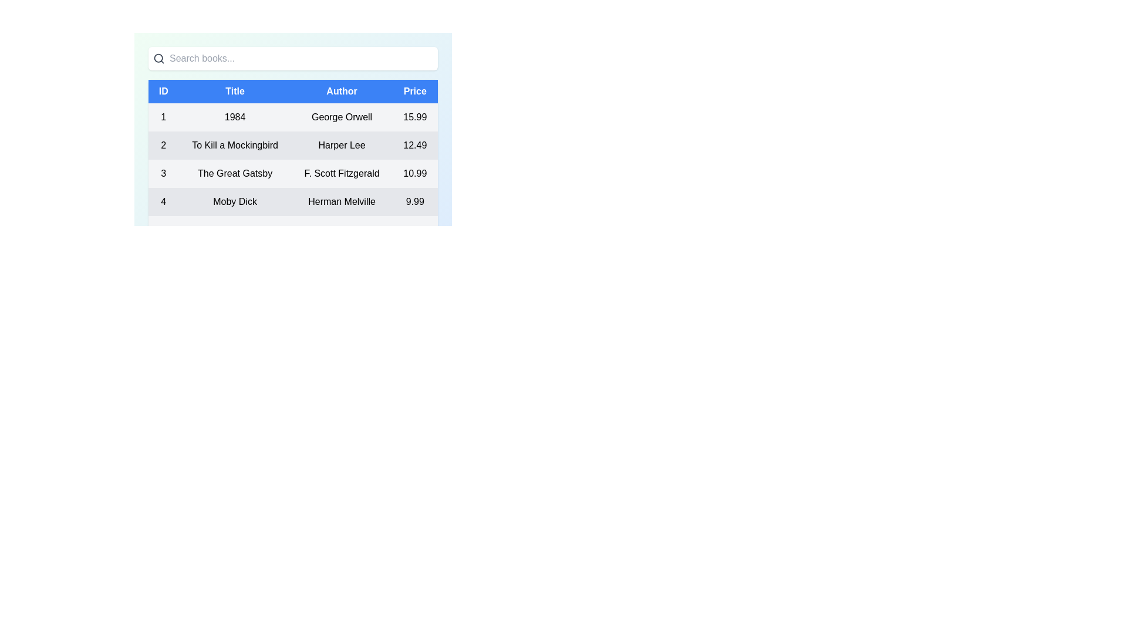 The height and width of the screenshot is (634, 1127). Describe the element at coordinates (341, 117) in the screenshot. I see `the Text Label displaying the author's name in the third column of the first row of the table` at that location.